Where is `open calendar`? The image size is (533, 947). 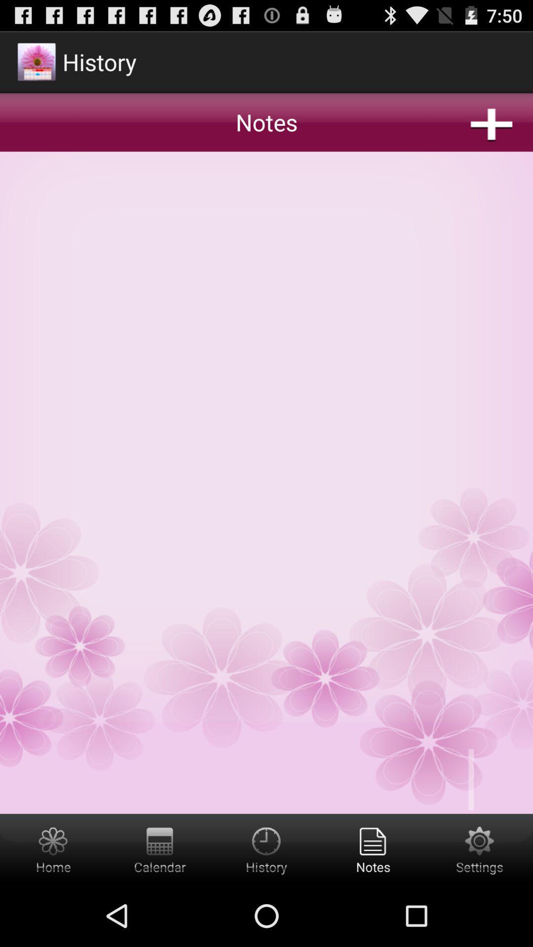
open calendar is located at coordinates (159, 849).